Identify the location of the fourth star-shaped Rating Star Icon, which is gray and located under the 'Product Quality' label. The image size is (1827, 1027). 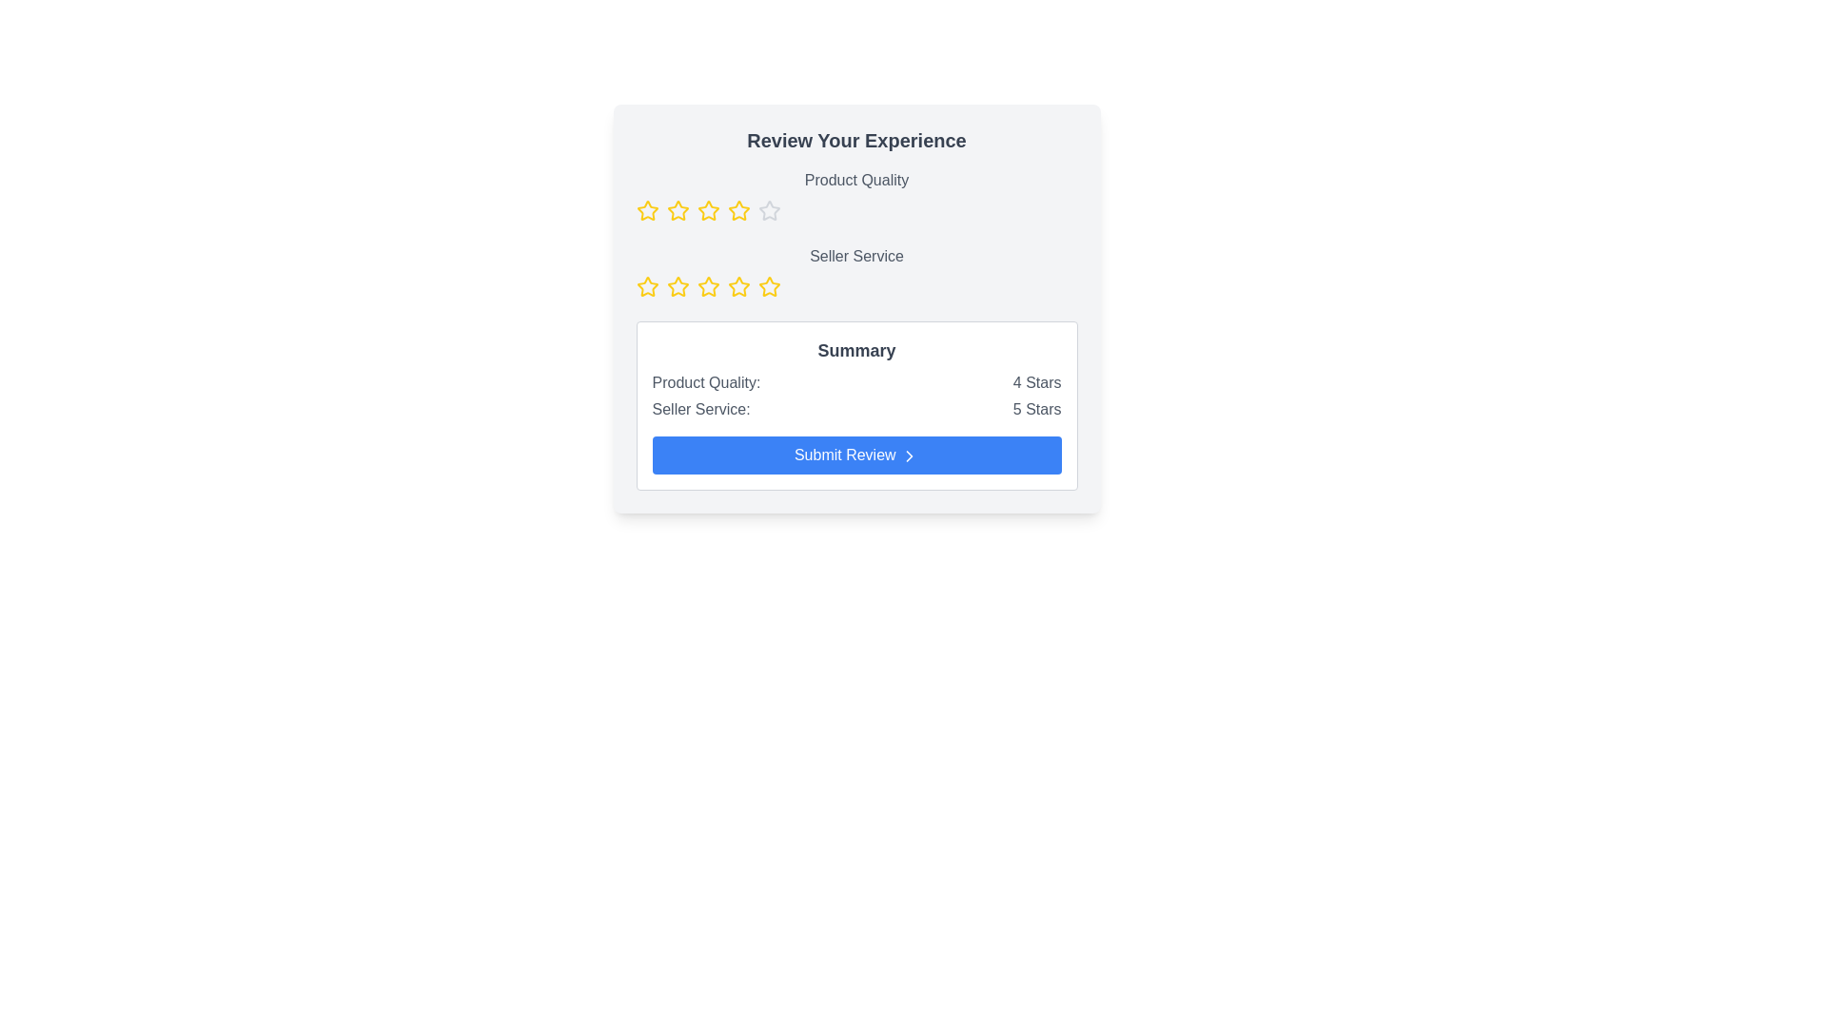
(769, 210).